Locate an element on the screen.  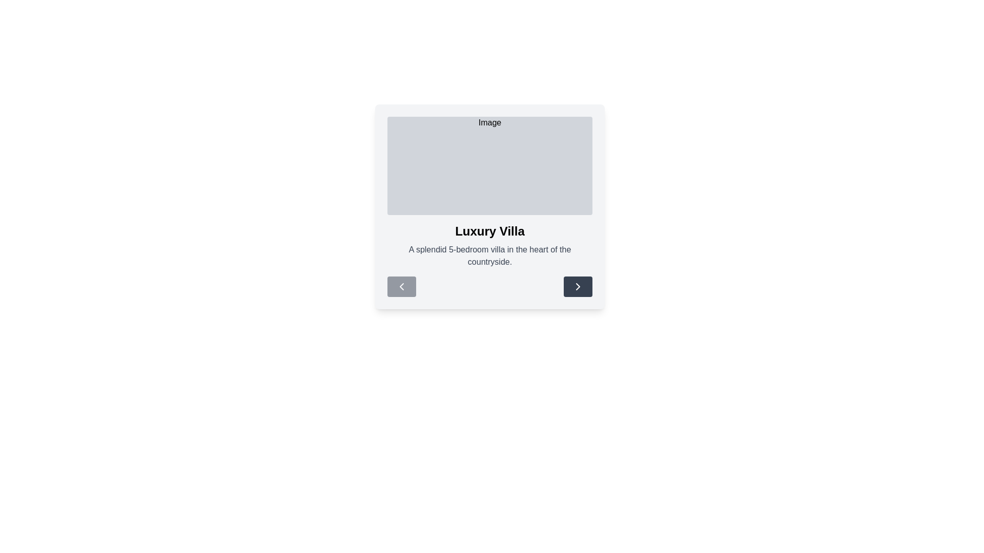
the rightward-pointing chevron arrow icon located within the dark circular button at the bottom-right corner of the 'Luxury Villa' card is located at coordinates (578, 286).